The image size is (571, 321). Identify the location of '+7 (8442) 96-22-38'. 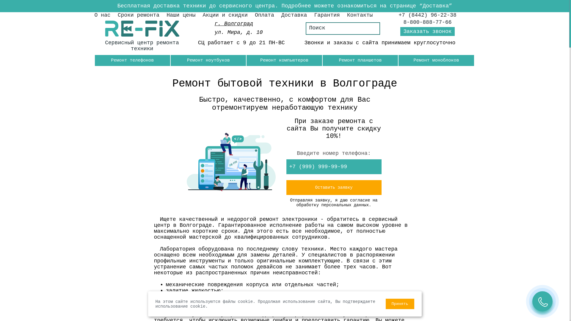
(427, 15).